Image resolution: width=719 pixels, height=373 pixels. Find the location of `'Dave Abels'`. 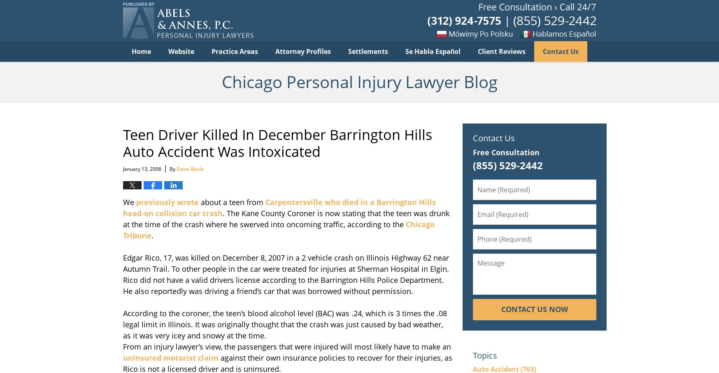

'Dave Abels' is located at coordinates (190, 169).